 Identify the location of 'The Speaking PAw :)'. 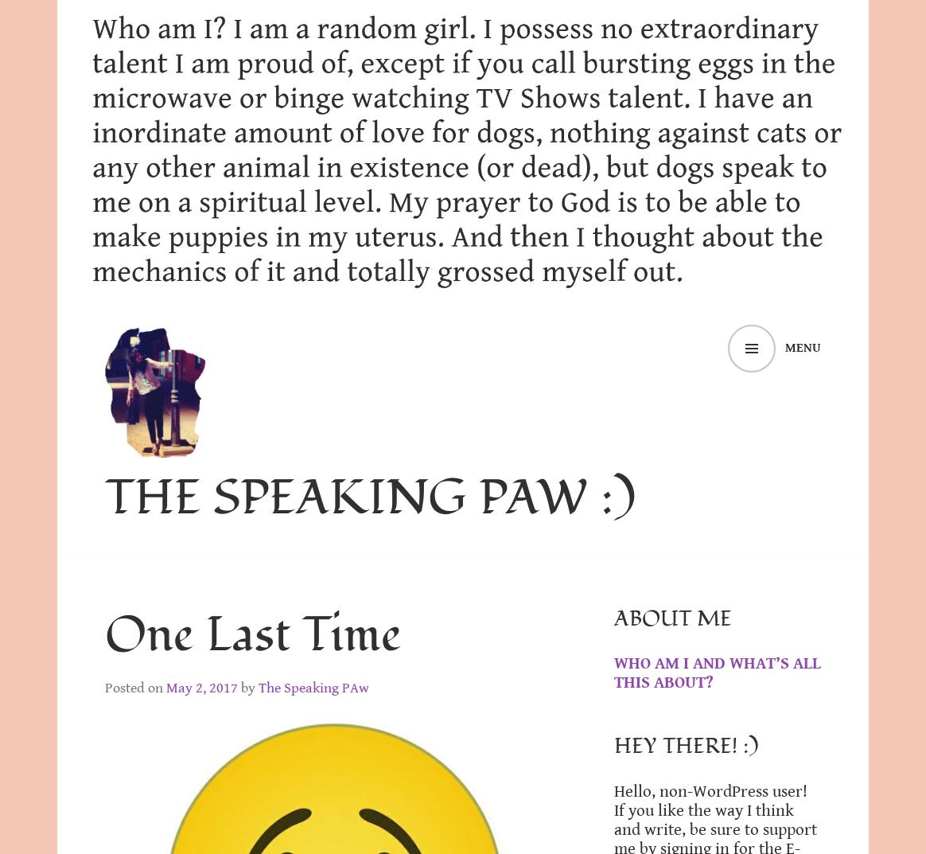
(369, 497).